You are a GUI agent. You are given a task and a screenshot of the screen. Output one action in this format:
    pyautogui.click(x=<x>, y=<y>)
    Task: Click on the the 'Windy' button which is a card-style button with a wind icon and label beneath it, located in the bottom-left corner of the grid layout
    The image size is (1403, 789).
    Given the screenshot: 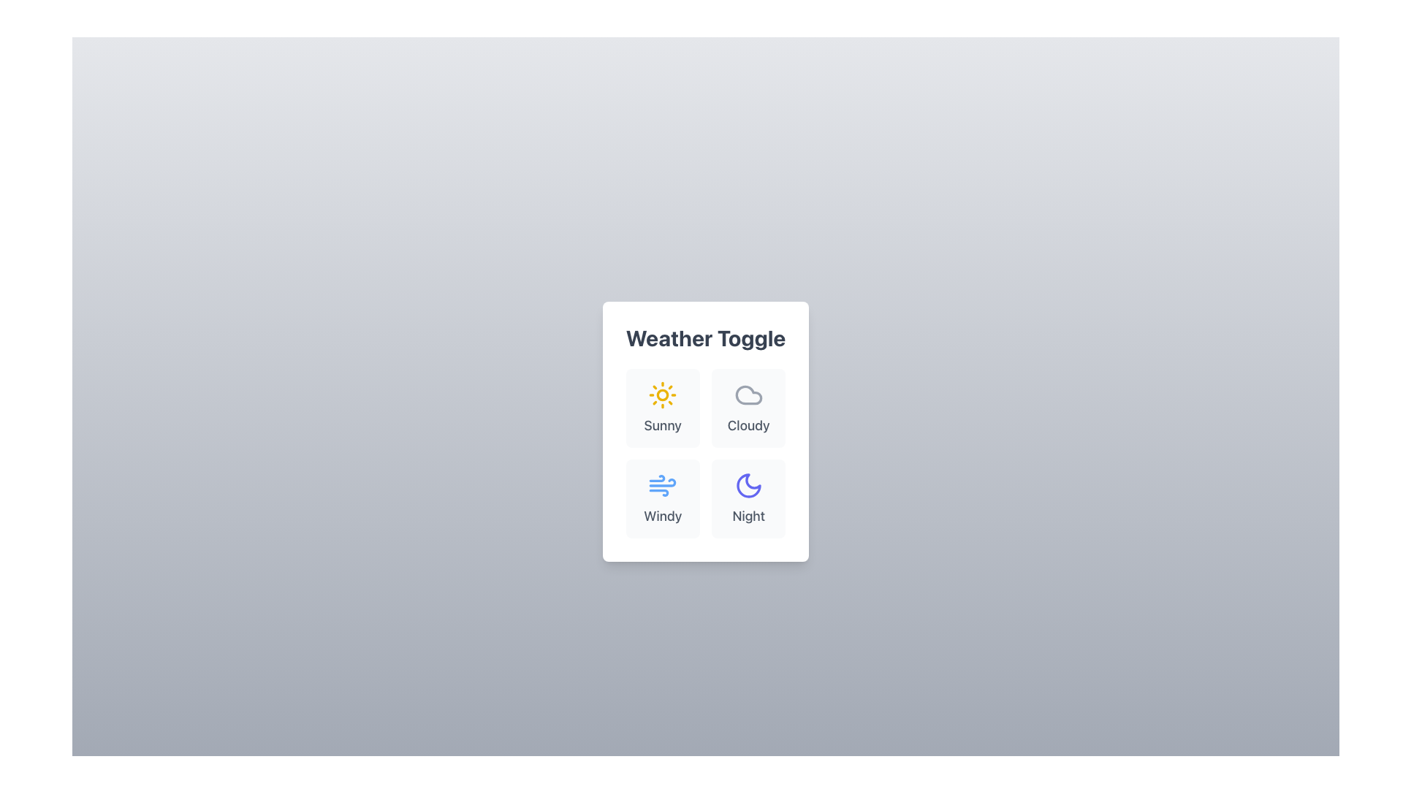 What is the action you would take?
    pyautogui.click(x=662, y=498)
    